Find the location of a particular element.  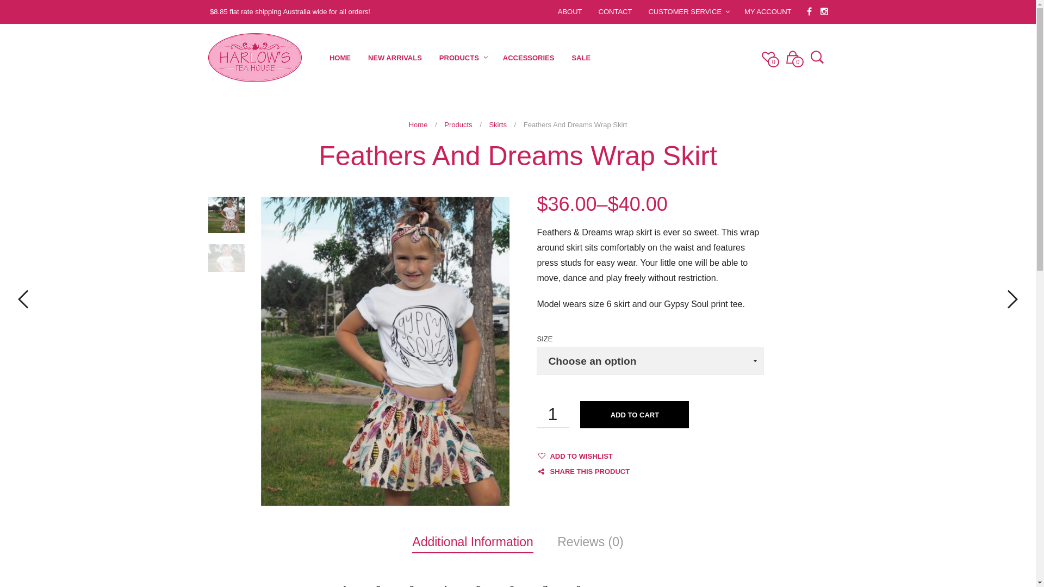

'SALE' is located at coordinates (563, 58).